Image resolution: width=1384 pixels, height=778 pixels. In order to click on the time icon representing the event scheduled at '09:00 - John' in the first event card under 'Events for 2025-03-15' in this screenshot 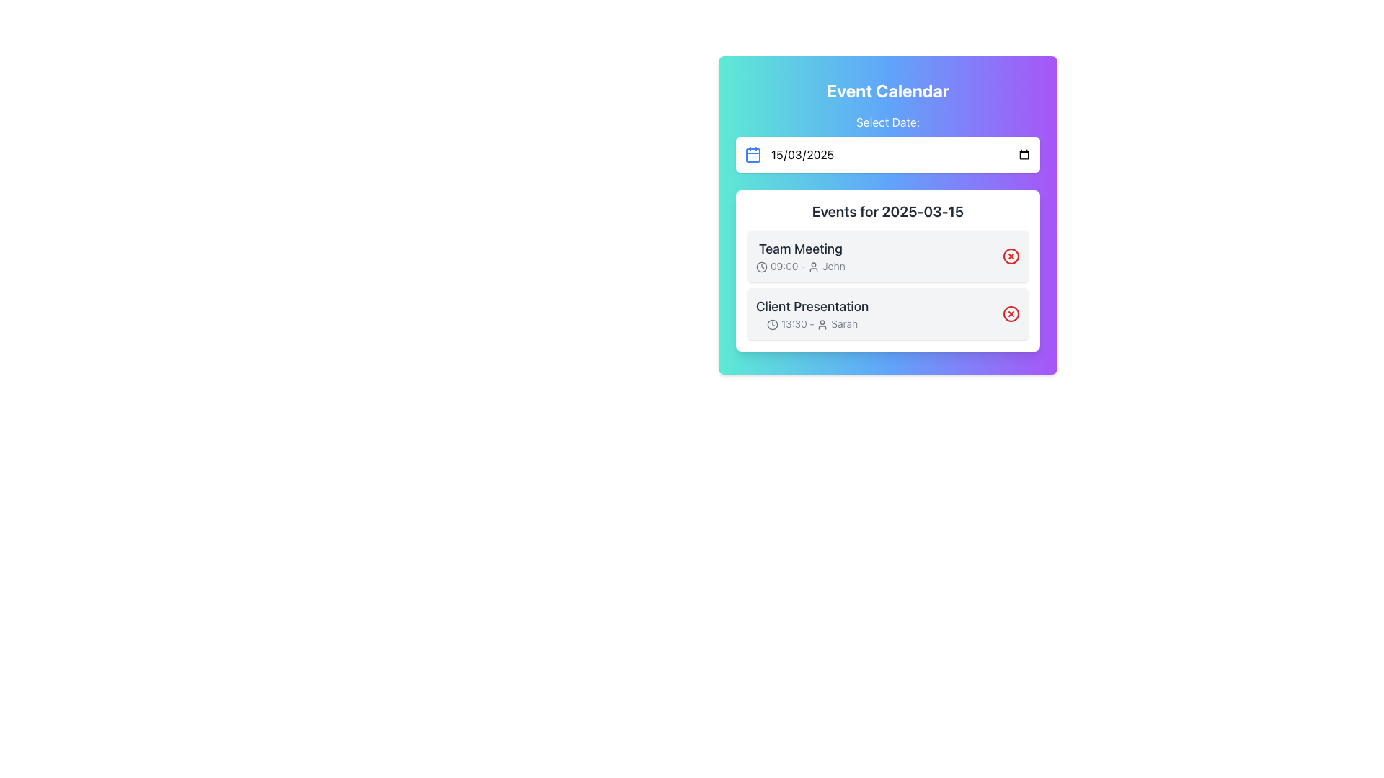, I will do `click(760, 267)`.